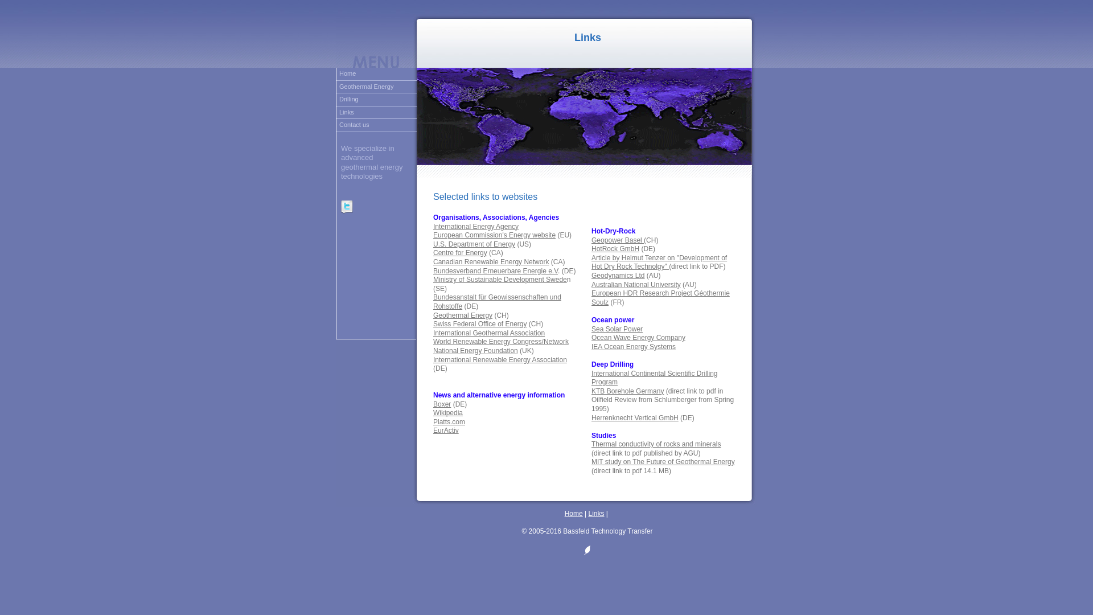  Describe the element at coordinates (445, 430) in the screenshot. I see `'EurActiv'` at that location.